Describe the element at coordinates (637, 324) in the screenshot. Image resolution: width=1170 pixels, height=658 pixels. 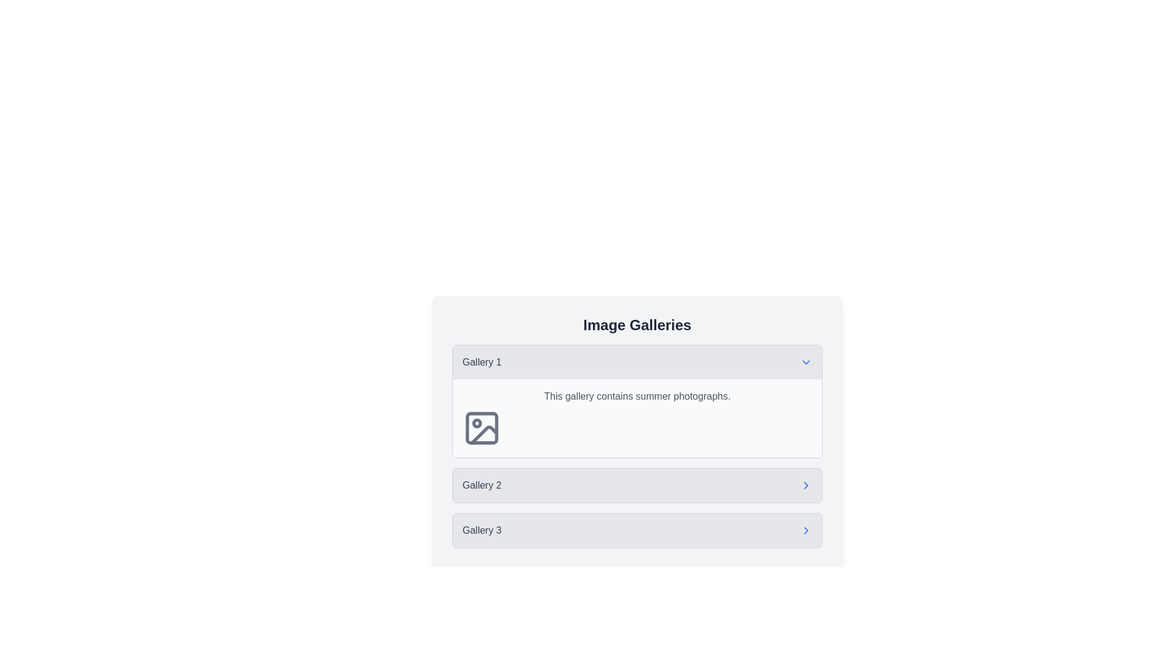
I see `the Text label that serves as the title or heading for the section, which is located at the top of the galleries` at that location.